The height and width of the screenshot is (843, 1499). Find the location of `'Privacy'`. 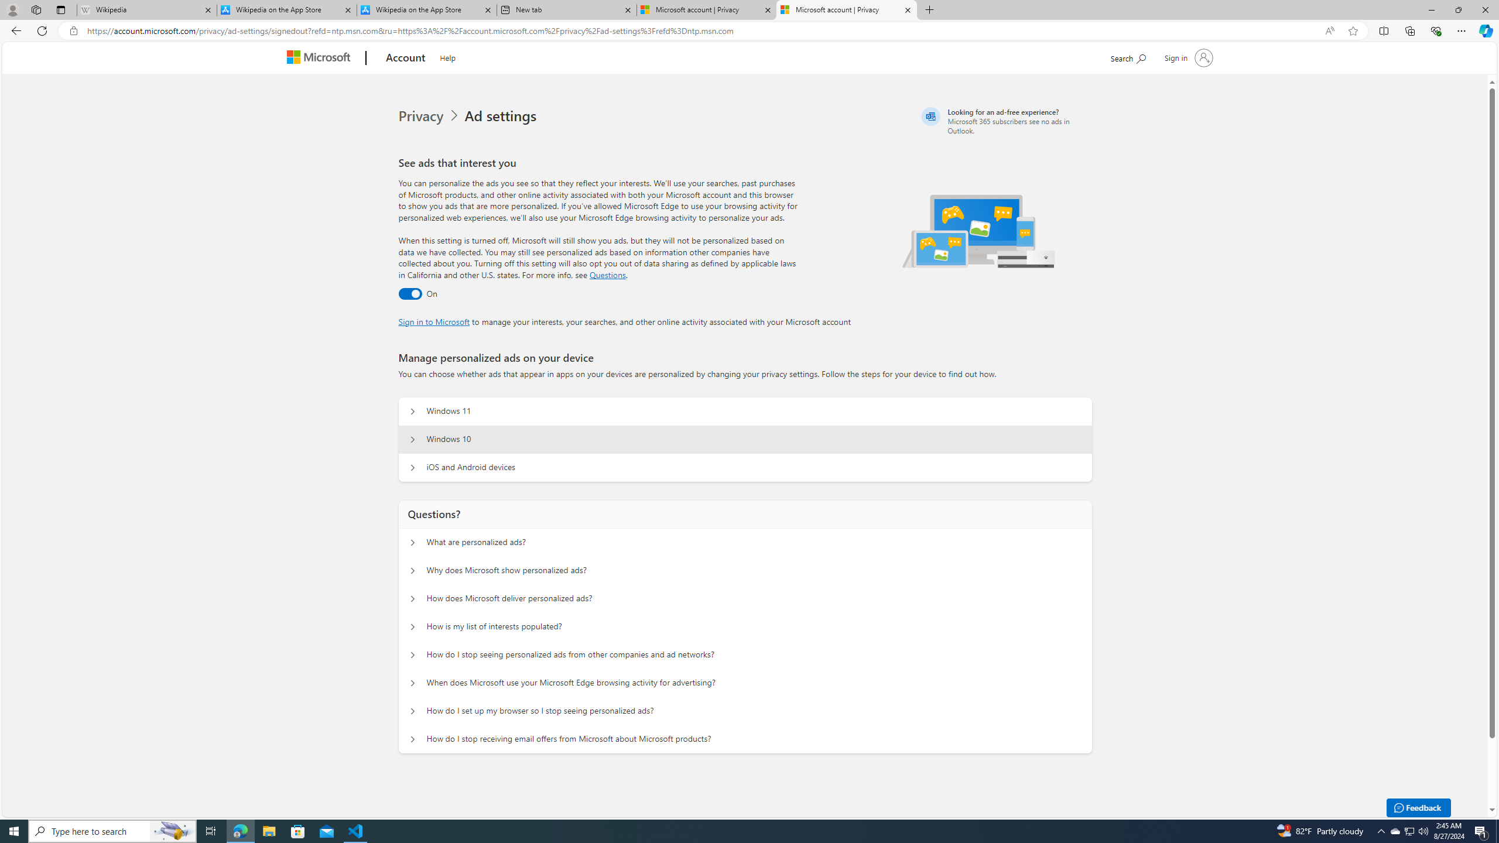

'Privacy' is located at coordinates (422, 116).